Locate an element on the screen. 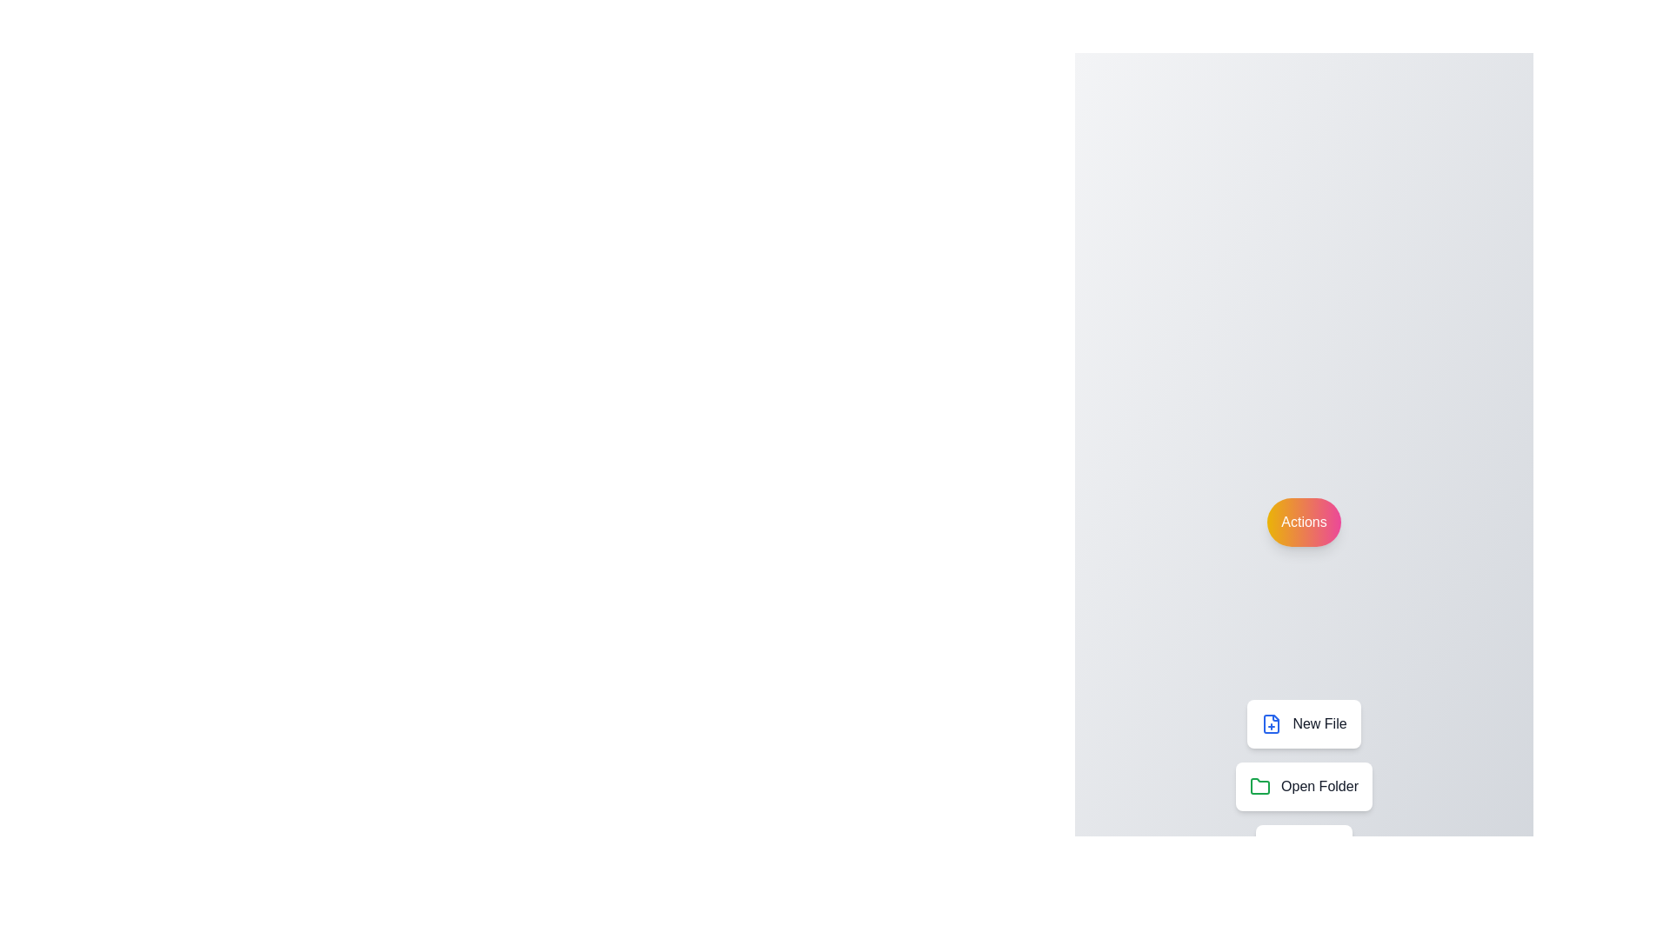  'Open Folder' button is located at coordinates (1304, 787).